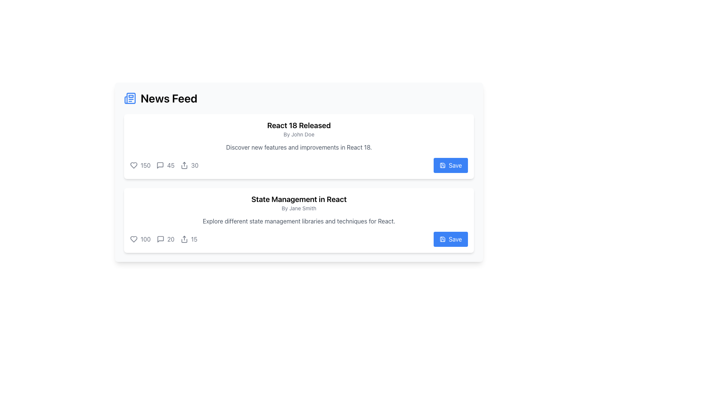 This screenshot has width=724, height=407. Describe the element at coordinates (298, 220) in the screenshot. I see `the text element that provides a brief description or summary of the related topic, located under the 'State Management in React' title and above the interaction statistics row` at that location.